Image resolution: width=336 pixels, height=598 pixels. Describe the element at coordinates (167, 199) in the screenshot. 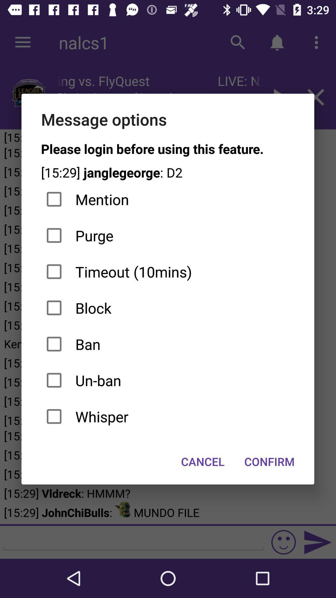

I see `icon below 15 29 janglegeorge app` at that location.